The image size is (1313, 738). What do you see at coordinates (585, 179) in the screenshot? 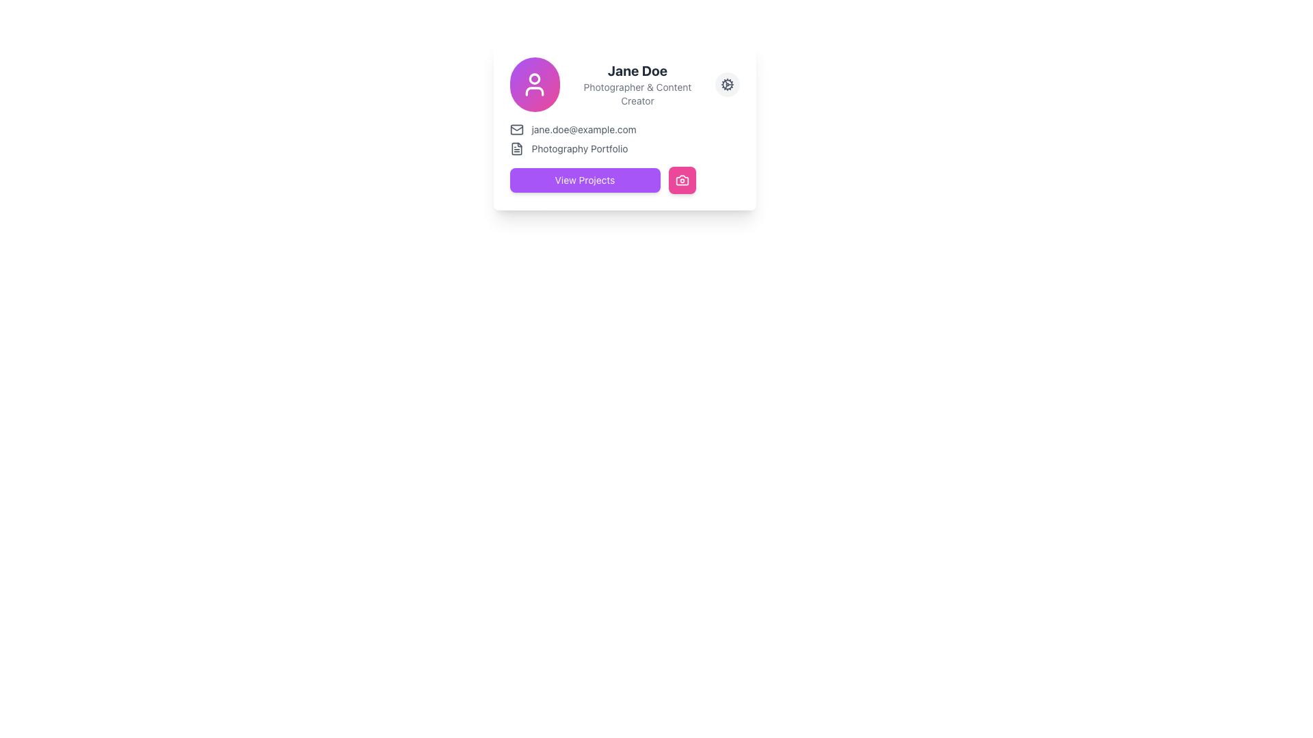
I see `the 'View Projects' button, which is a rectangular button with a purple background and white text, located on the leftmost side of a horizontal layout` at bounding box center [585, 179].